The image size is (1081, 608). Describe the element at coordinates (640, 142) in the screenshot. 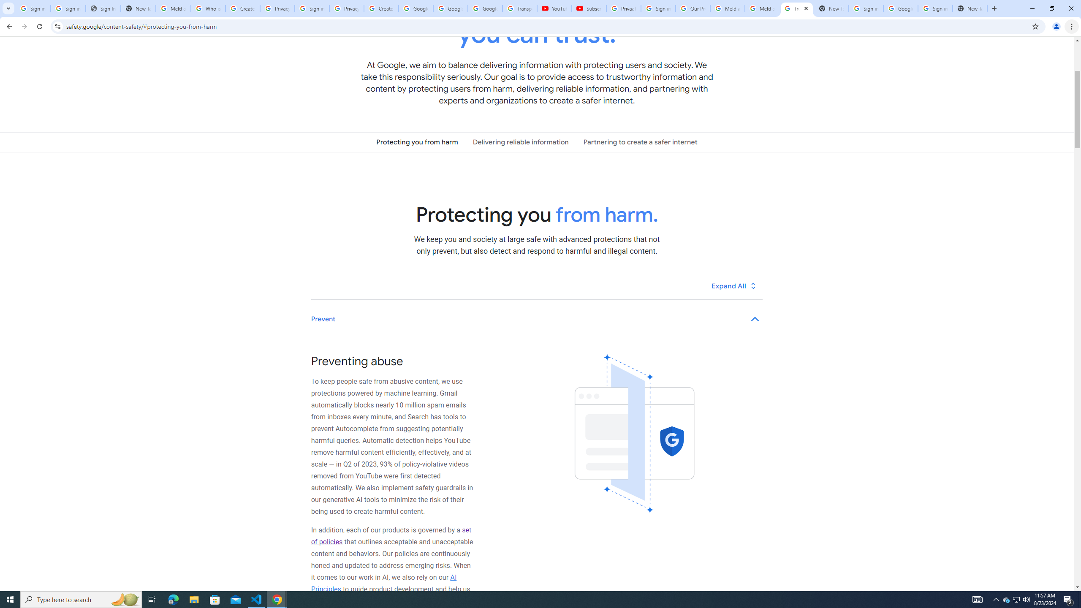

I see `'Partnering to create a safer internet'` at that location.